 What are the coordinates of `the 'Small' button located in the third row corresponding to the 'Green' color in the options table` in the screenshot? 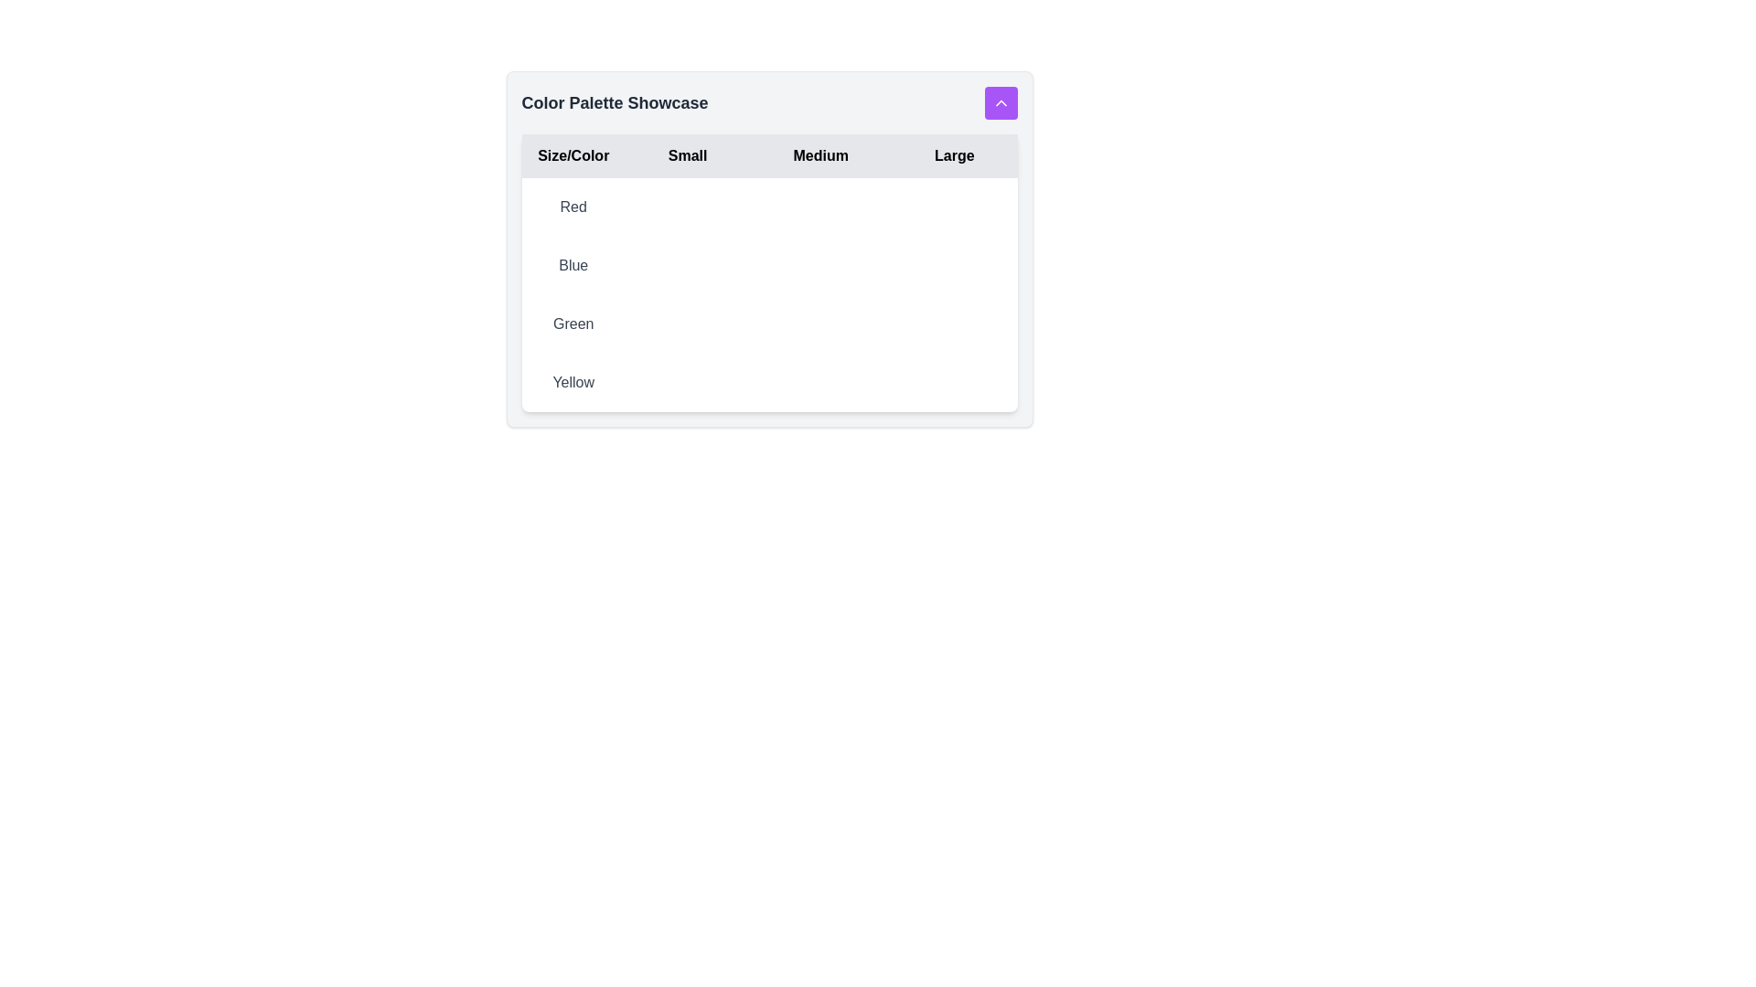 It's located at (687, 323).